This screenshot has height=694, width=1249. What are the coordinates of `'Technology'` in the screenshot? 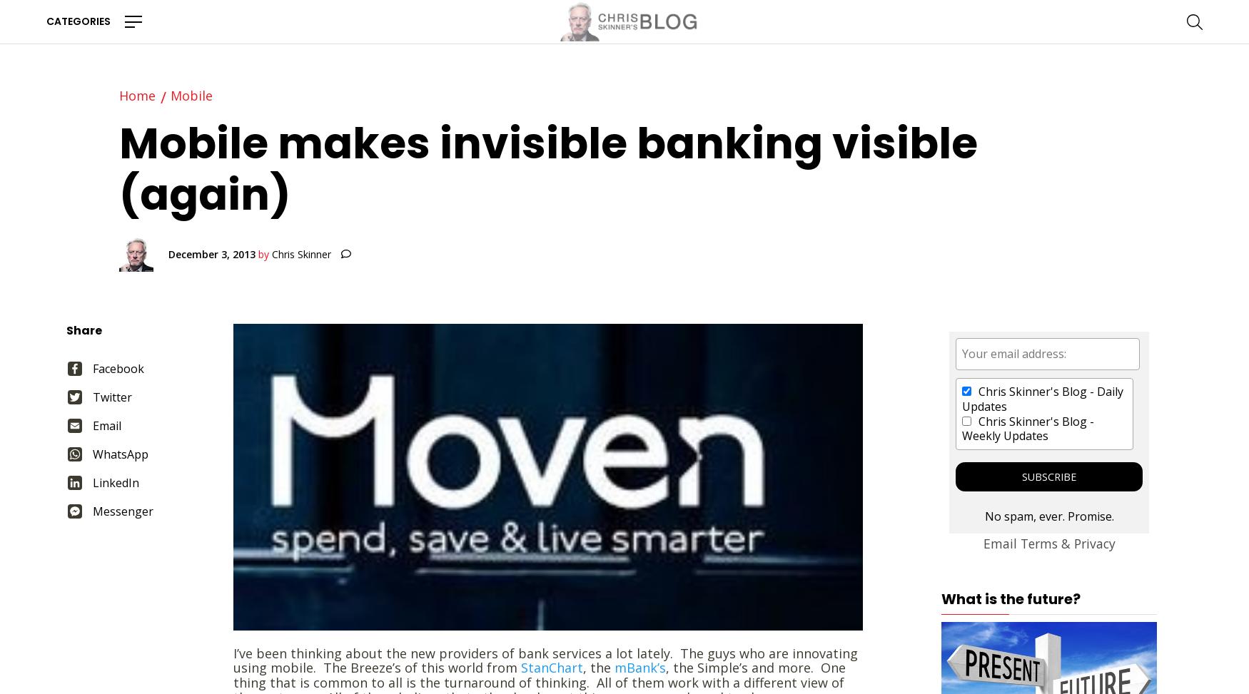 It's located at (288, 267).